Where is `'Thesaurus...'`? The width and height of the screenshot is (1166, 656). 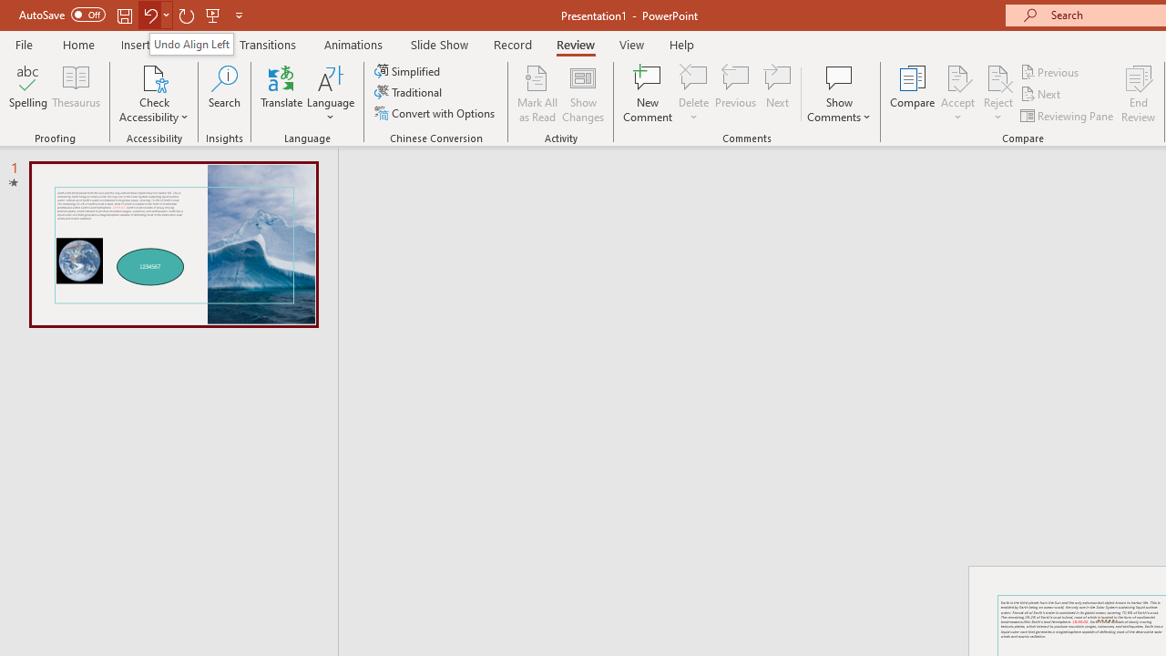
'Thesaurus...' is located at coordinates (75, 94).